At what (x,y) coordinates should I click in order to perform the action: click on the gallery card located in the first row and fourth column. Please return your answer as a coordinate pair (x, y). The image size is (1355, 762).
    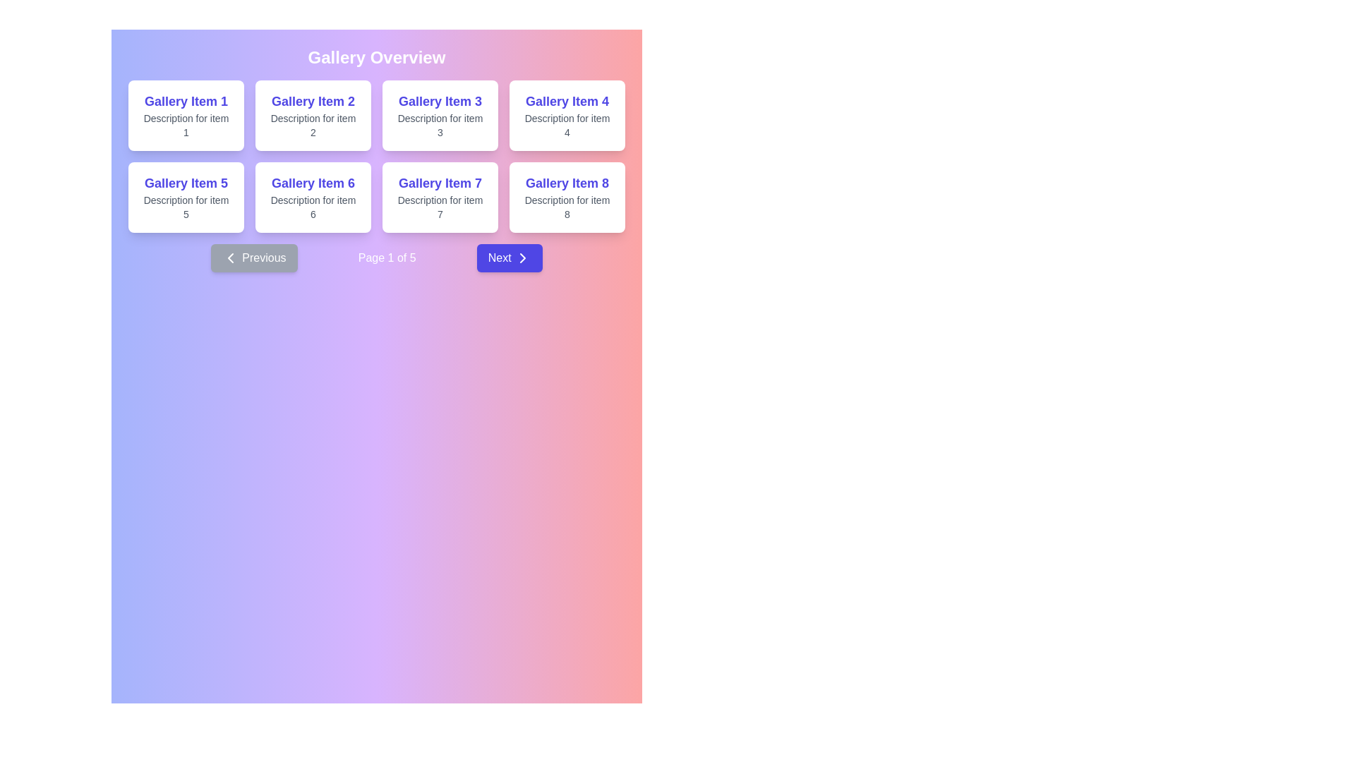
    Looking at the image, I should click on (567, 115).